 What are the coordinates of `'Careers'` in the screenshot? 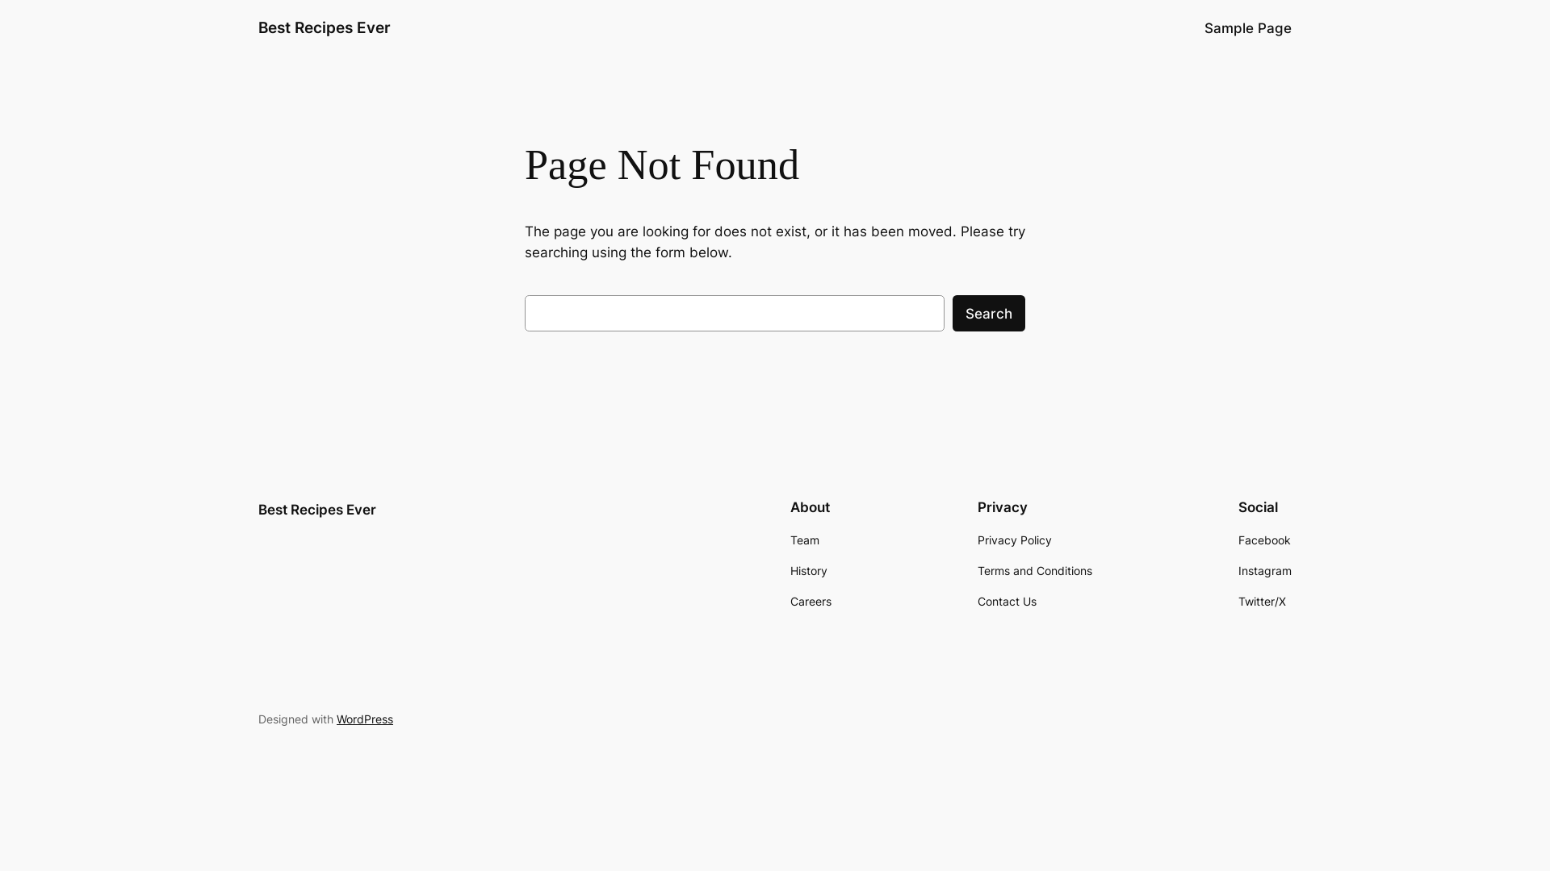 It's located at (790, 601).